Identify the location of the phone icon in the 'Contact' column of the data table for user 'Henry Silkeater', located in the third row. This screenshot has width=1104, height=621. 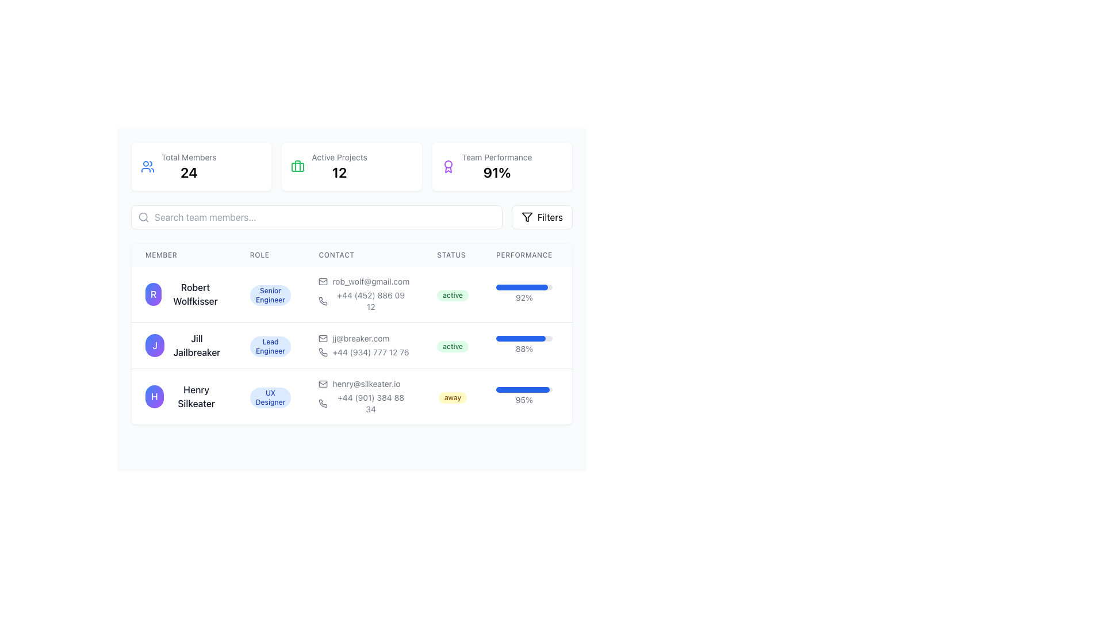
(323, 403).